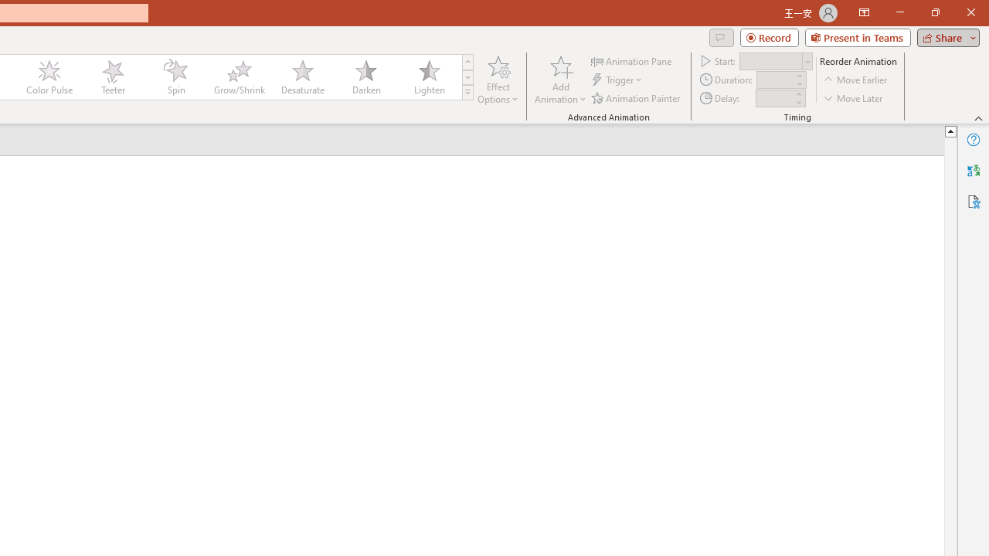  Describe the element at coordinates (855, 80) in the screenshot. I see `'Move Earlier'` at that location.